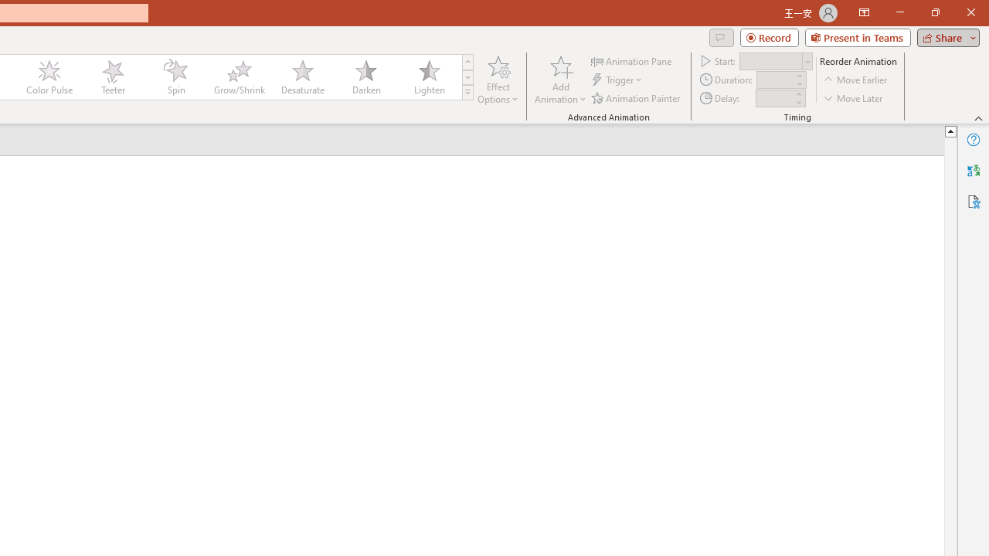  Describe the element at coordinates (855, 80) in the screenshot. I see `'Move Earlier'` at that location.